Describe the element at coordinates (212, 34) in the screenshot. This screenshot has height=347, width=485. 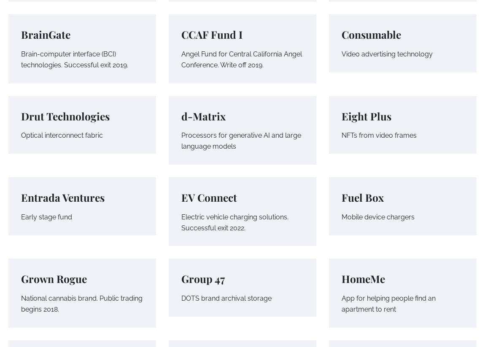
I see `'CCAF Fund I'` at that location.